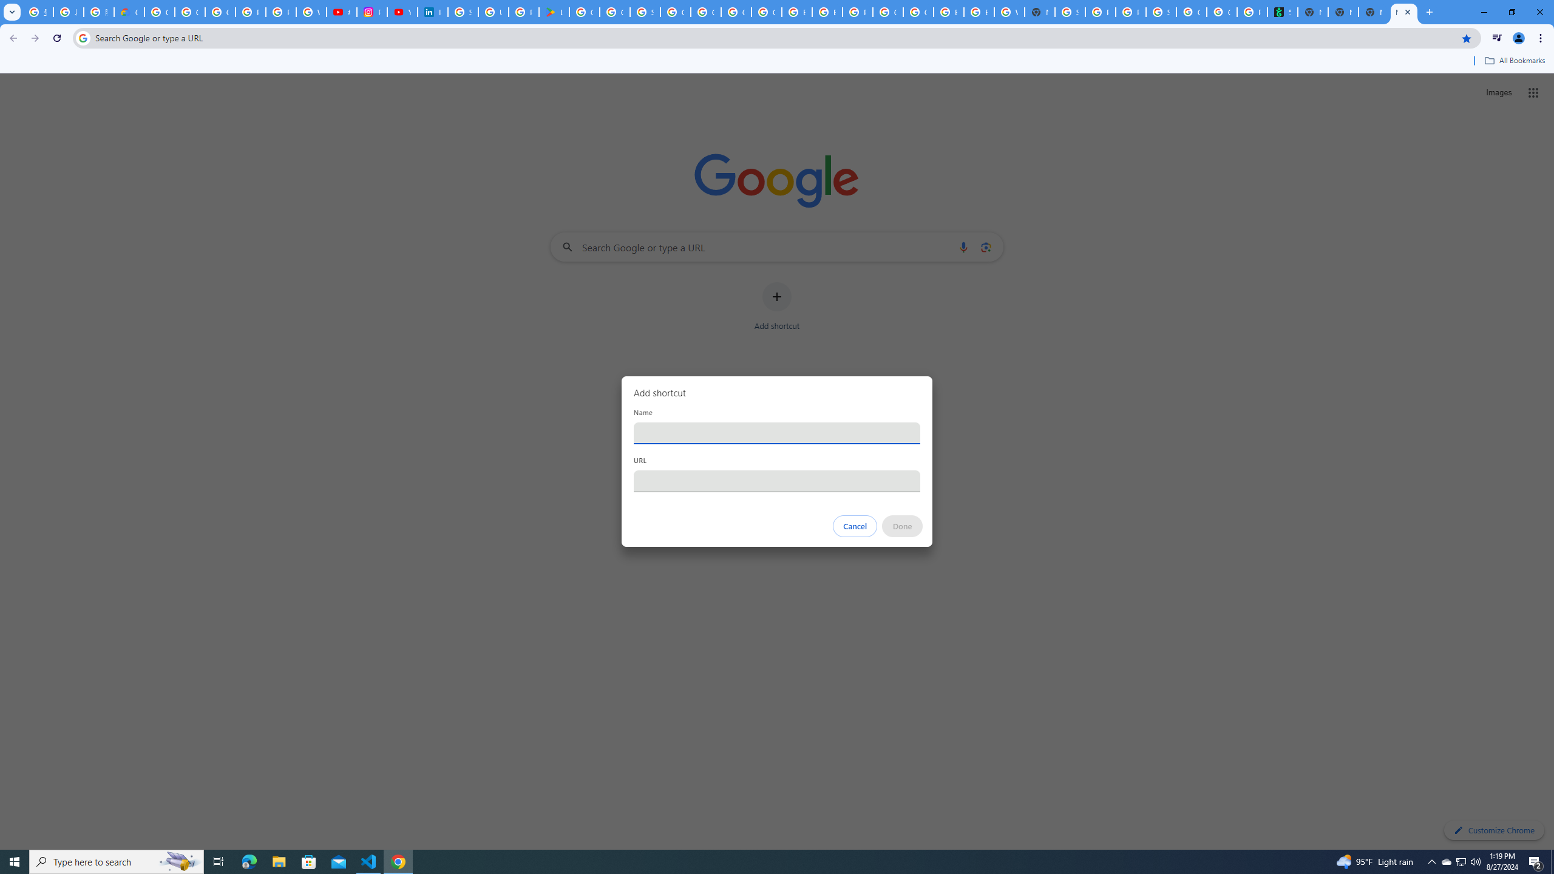 This screenshot has height=874, width=1554. Describe the element at coordinates (341, 12) in the screenshot. I see `'#nbabasketballhighlights - YouTube'` at that location.